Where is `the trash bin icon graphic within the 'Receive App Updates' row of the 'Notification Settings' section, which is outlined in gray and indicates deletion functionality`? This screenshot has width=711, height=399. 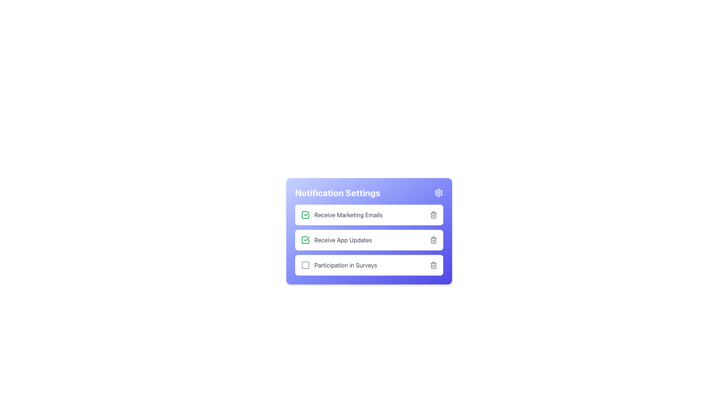 the trash bin icon graphic within the 'Receive App Updates' row of the 'Notification Settings' section, which is outlined in gray and indicates deletion functionality is located at coordinates (434, 241).